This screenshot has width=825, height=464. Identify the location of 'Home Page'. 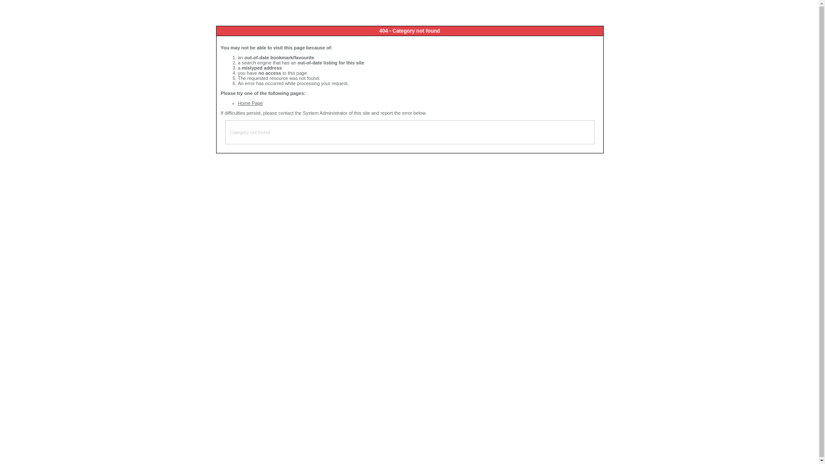
(250, 102).